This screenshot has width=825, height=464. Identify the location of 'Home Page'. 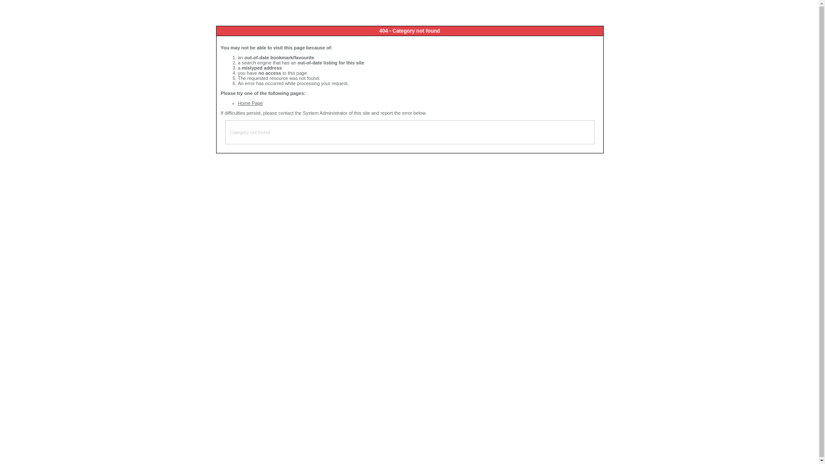
(250, 102).